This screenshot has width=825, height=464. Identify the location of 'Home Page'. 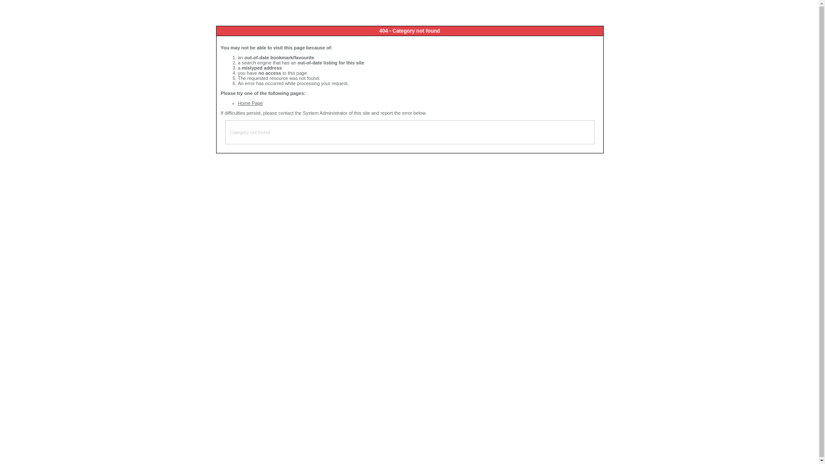
(250, 102).